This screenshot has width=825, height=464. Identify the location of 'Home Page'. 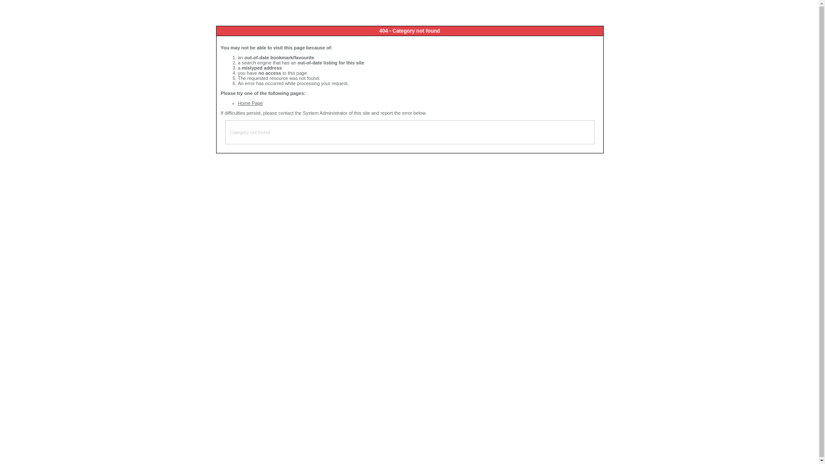
(250, 102).